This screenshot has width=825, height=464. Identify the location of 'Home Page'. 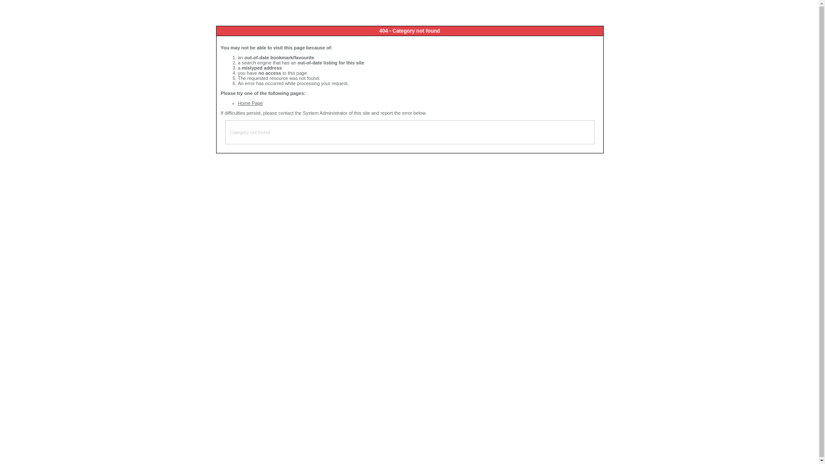
(250, 102).